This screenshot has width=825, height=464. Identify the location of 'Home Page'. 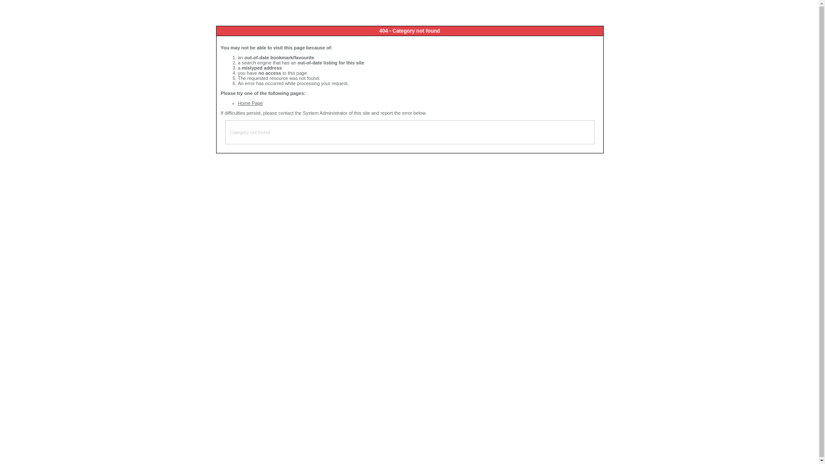
(250, 102).